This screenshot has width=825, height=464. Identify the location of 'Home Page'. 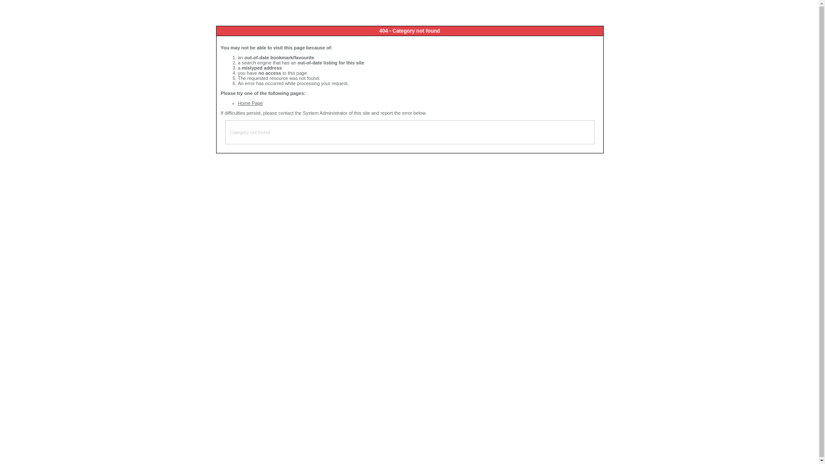
(250, 102).